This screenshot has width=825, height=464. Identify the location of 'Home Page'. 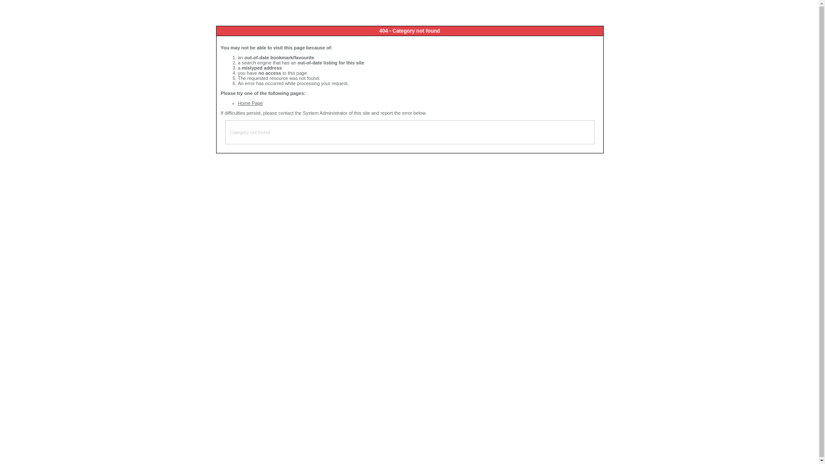
(250, 102).